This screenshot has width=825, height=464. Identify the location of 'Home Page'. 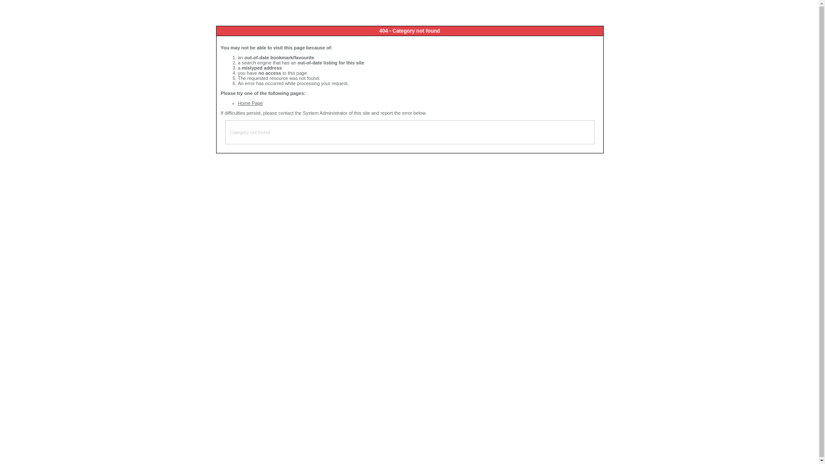
(250, 102).